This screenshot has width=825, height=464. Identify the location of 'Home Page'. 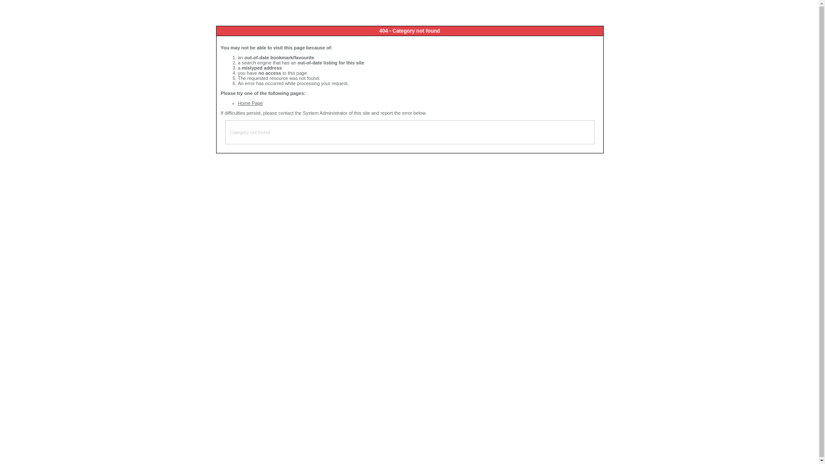
(250, 102).